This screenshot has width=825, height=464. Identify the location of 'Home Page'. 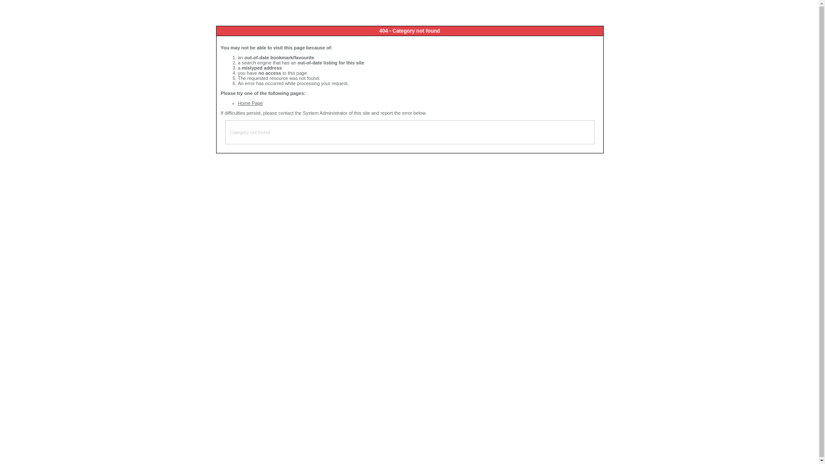
(250, 102).